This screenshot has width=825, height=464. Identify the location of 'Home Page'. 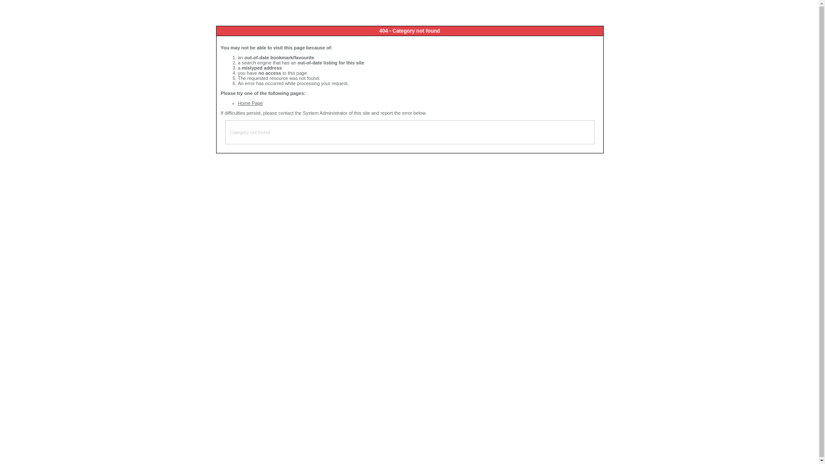
(250, 102).